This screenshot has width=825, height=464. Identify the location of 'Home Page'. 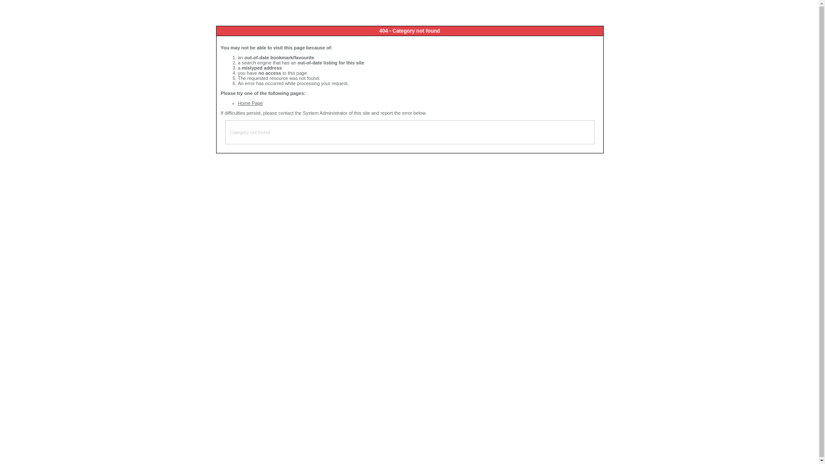
(250, 102).